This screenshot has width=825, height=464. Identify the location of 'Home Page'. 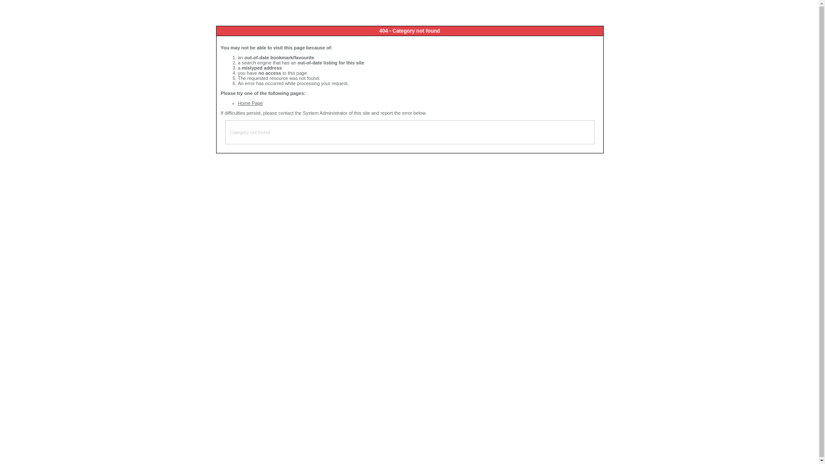
(250, 102).